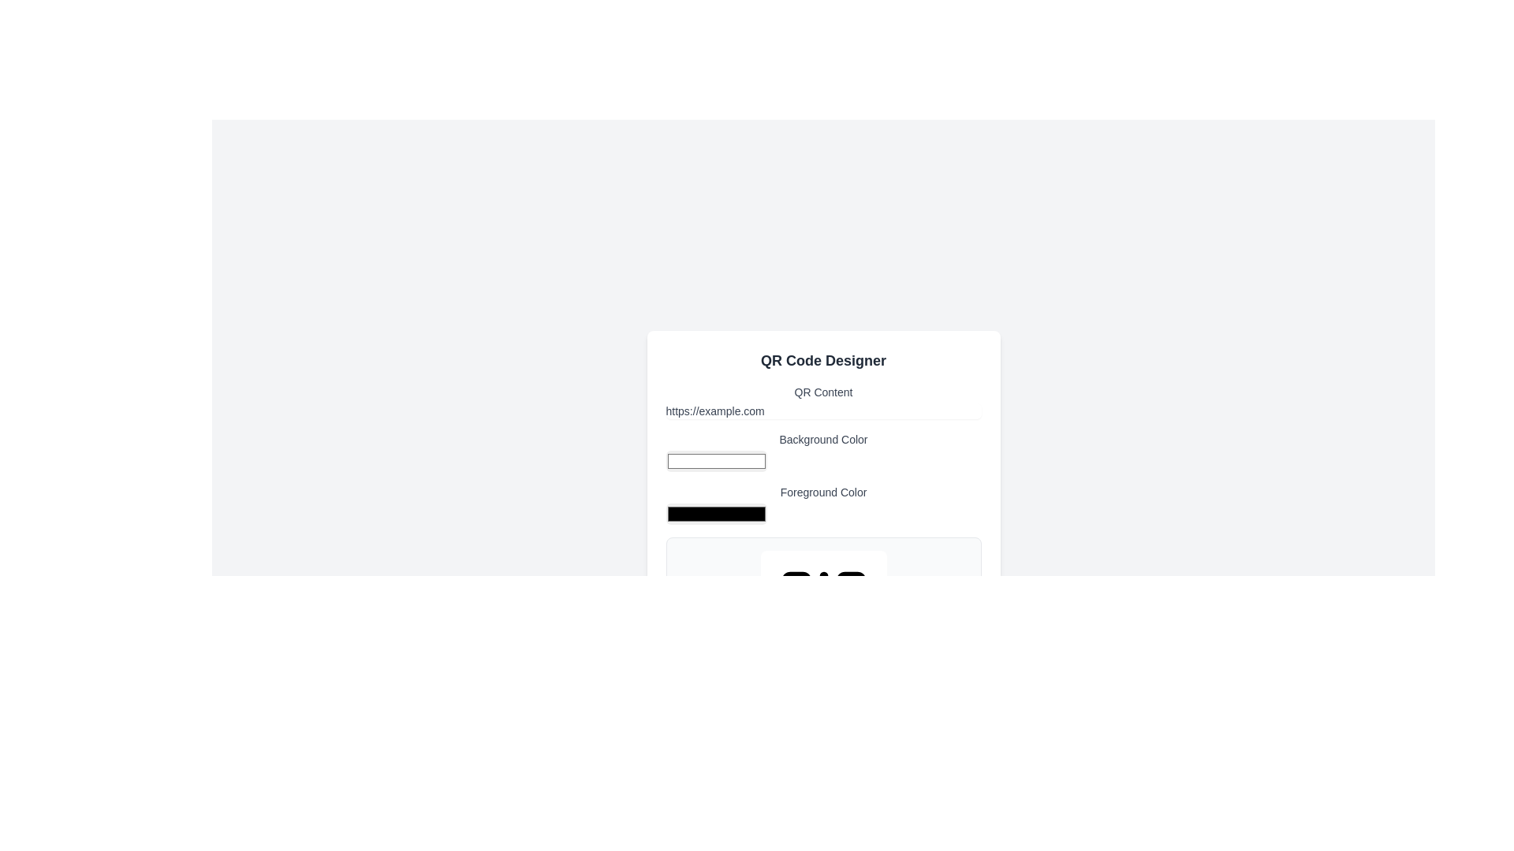 This screenshot has height=851, width=1514. Describe the element at coordinates (822, 613) in the screenshot. I see `the QR code, which is the main and only graphical element centered in the lower part of the interface` at that location.